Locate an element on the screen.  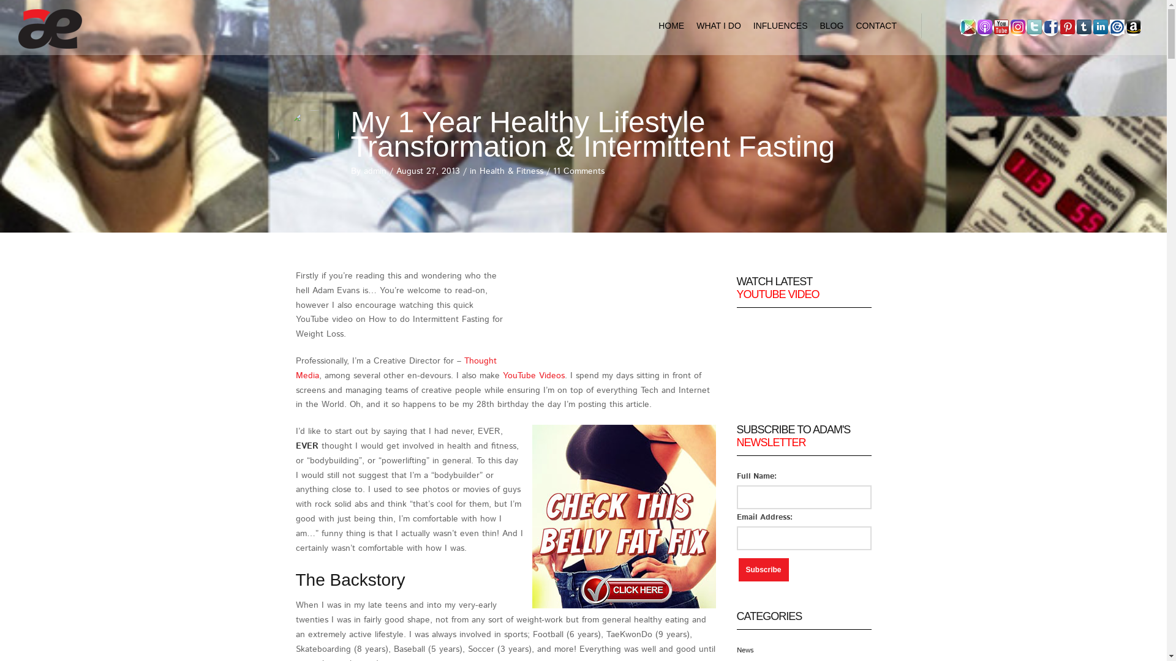
'YouTube Video Player' is located at coordinates (803, 360).